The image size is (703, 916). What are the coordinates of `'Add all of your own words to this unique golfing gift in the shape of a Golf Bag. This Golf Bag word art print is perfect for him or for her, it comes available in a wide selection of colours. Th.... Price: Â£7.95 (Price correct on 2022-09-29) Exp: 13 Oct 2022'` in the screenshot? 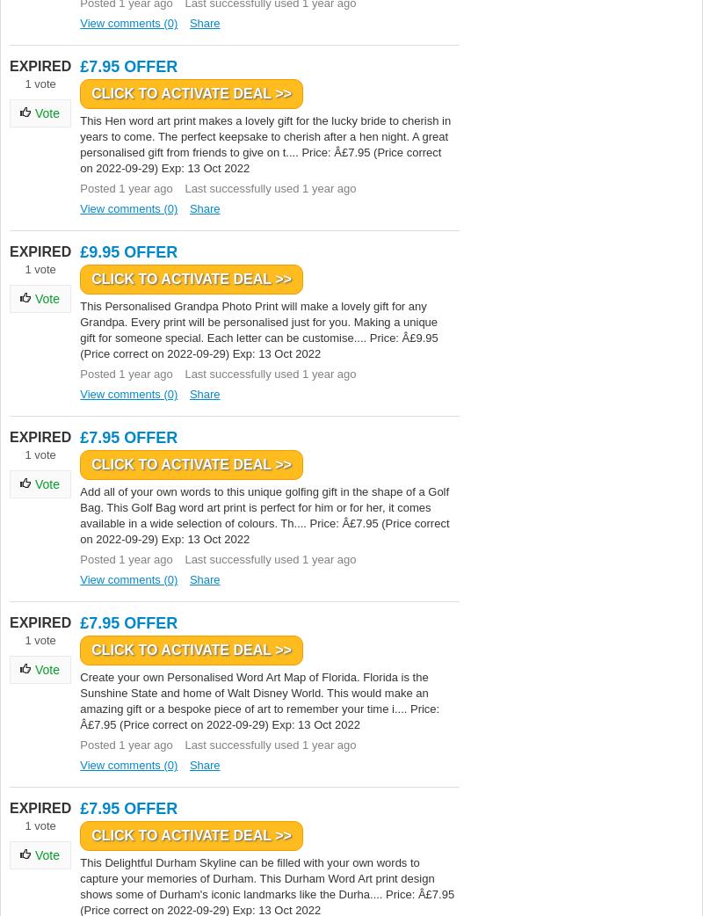 It's located at (264, 514).